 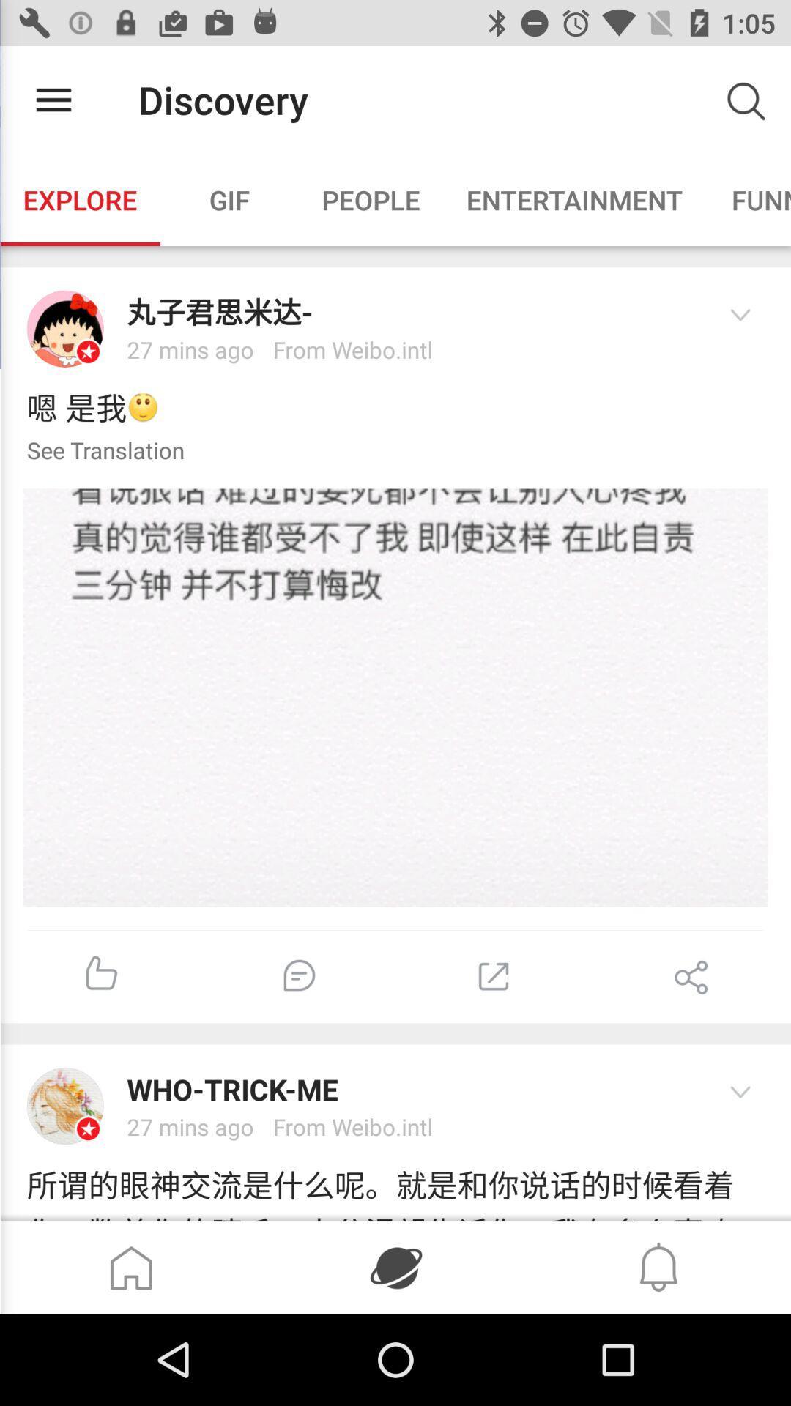 I want to click on app next to the discovery icon, so click(x=53, y=99).